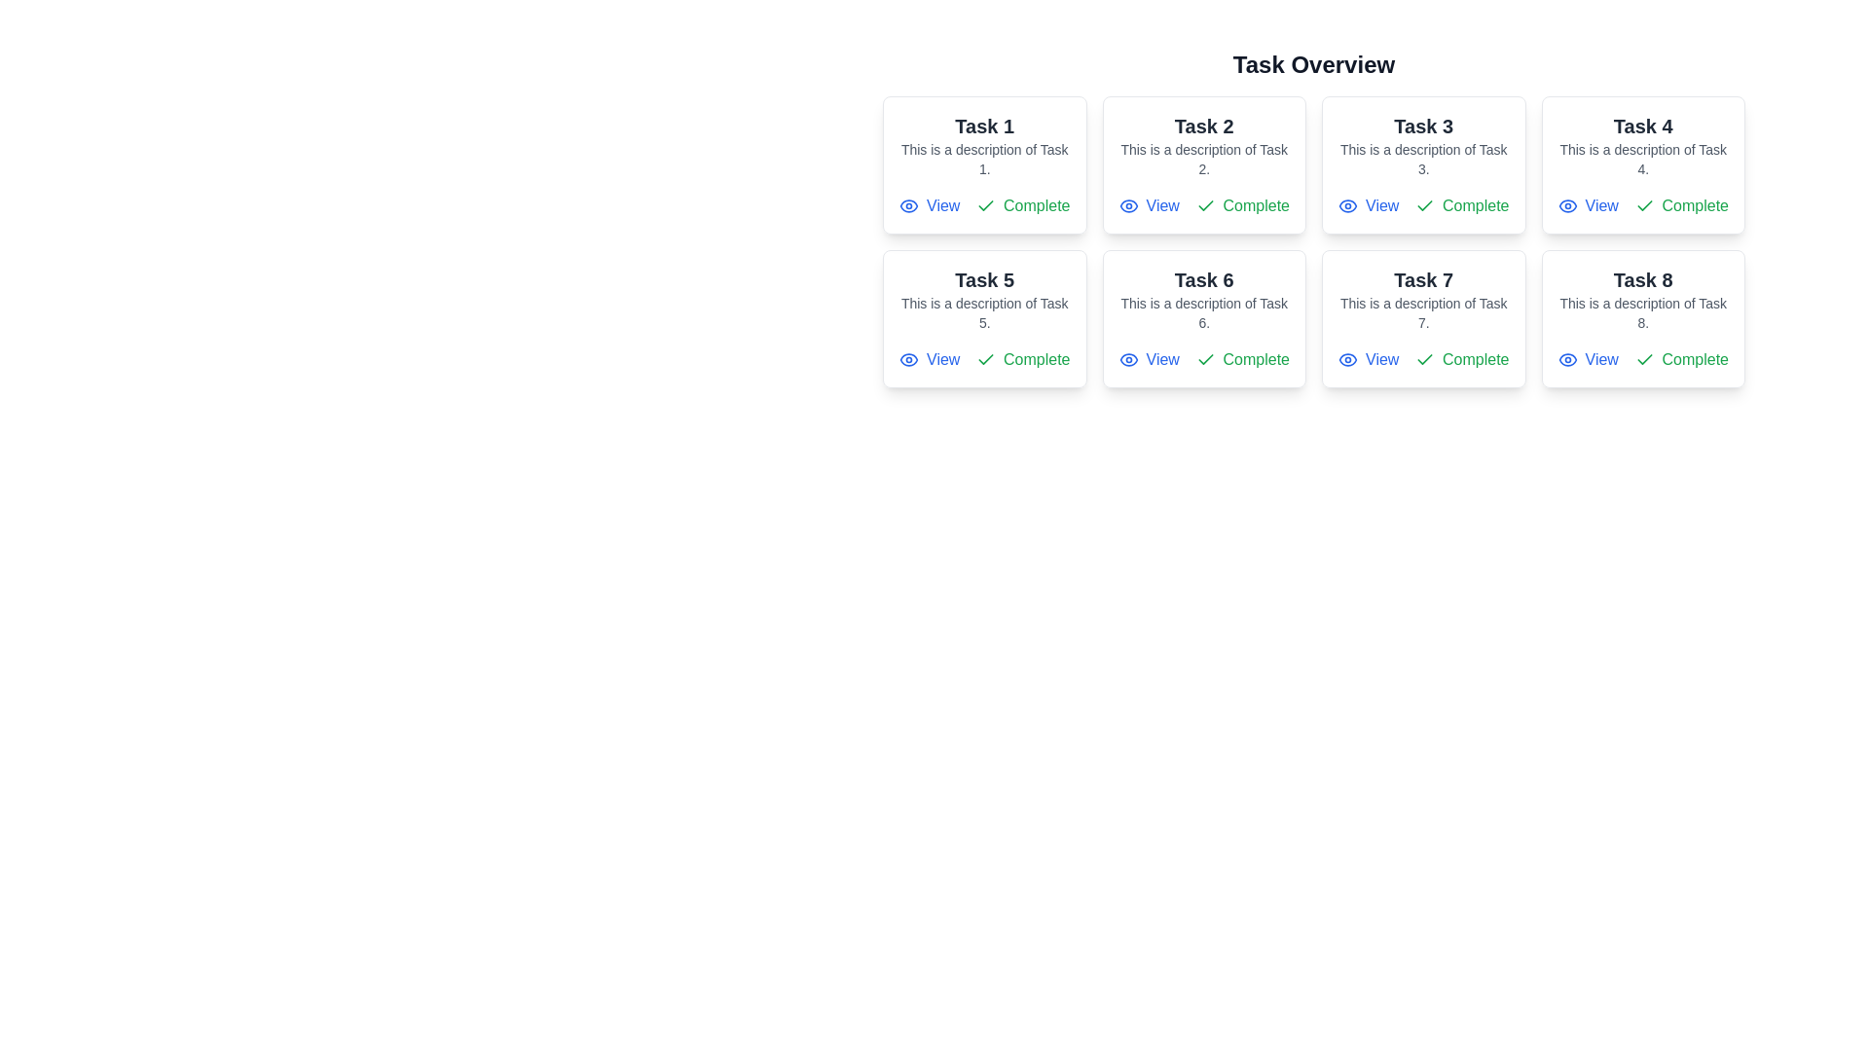  I want to click on the 'Complete' button, which is a green text label with a checkmark icon, located in the second card of the top row under 'Task 2', so click(1241, 206).